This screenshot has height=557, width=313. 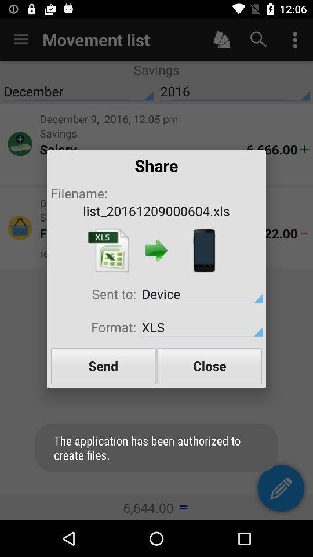 I want to click on xls file, so click(x=108, y=250).